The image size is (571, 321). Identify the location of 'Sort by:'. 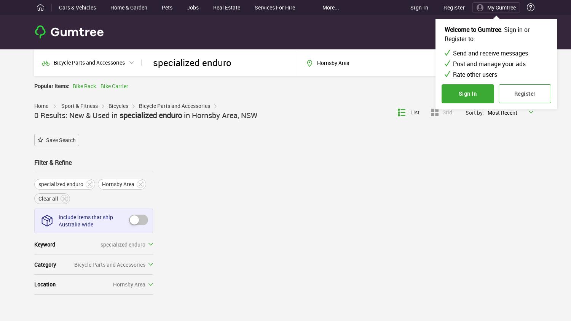
(474, 112).